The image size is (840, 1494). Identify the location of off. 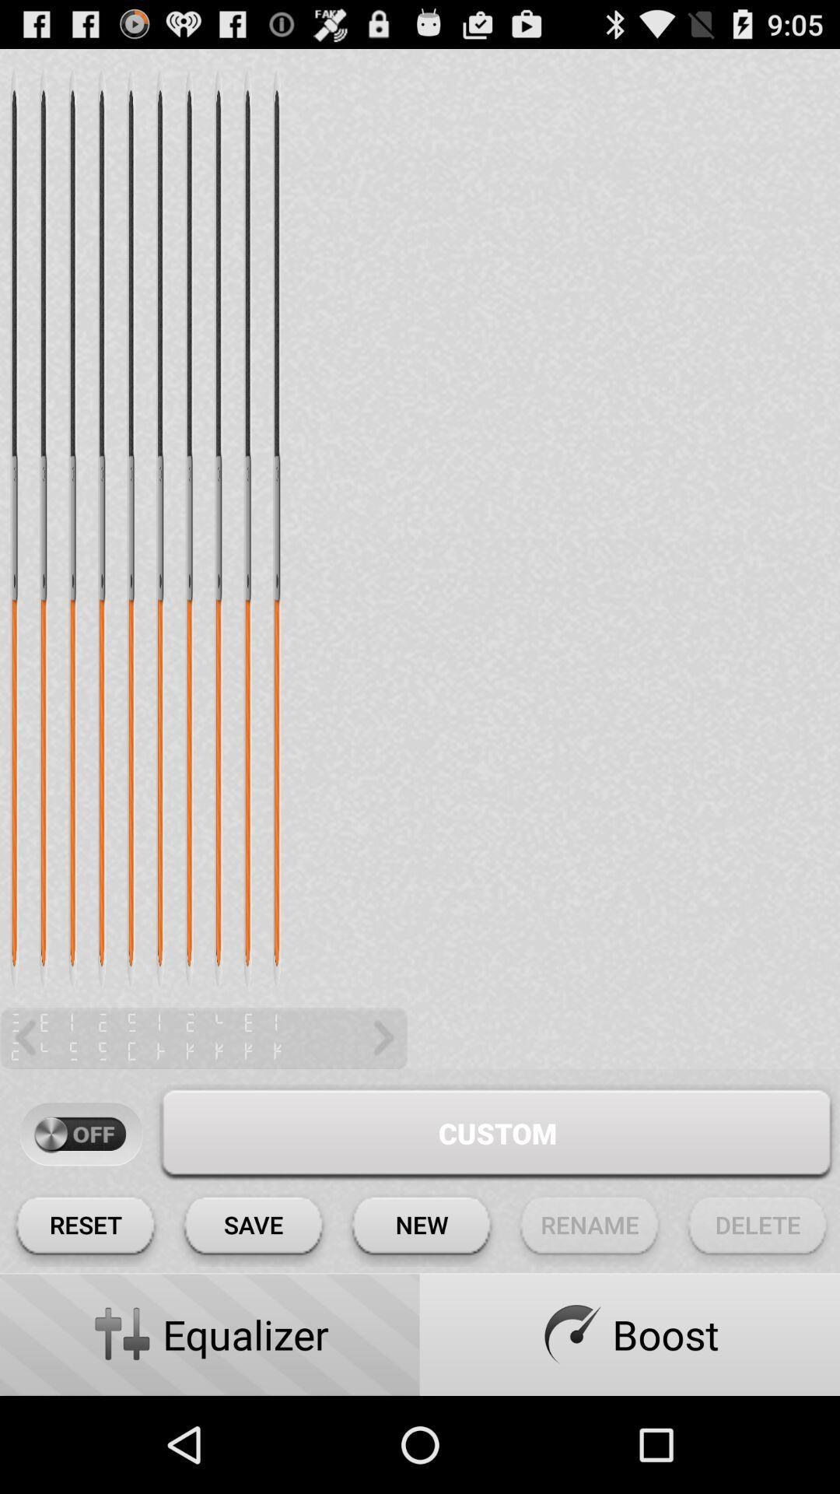
(81, 1135).